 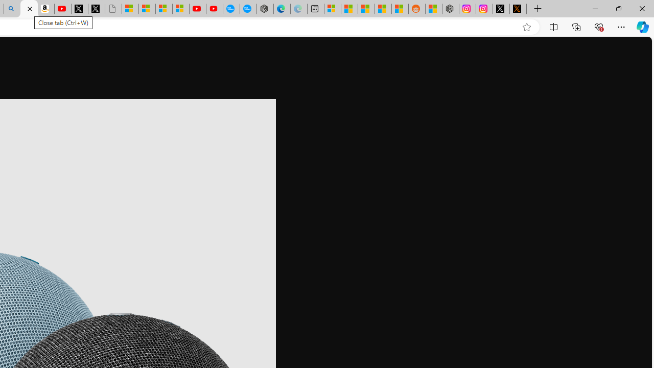 What do you see at coordinates (214, 9) in the screenshot?
I see `'YouTube Kids - An App Created for Kids to Explore Content'` at bounding box center [214, 9].